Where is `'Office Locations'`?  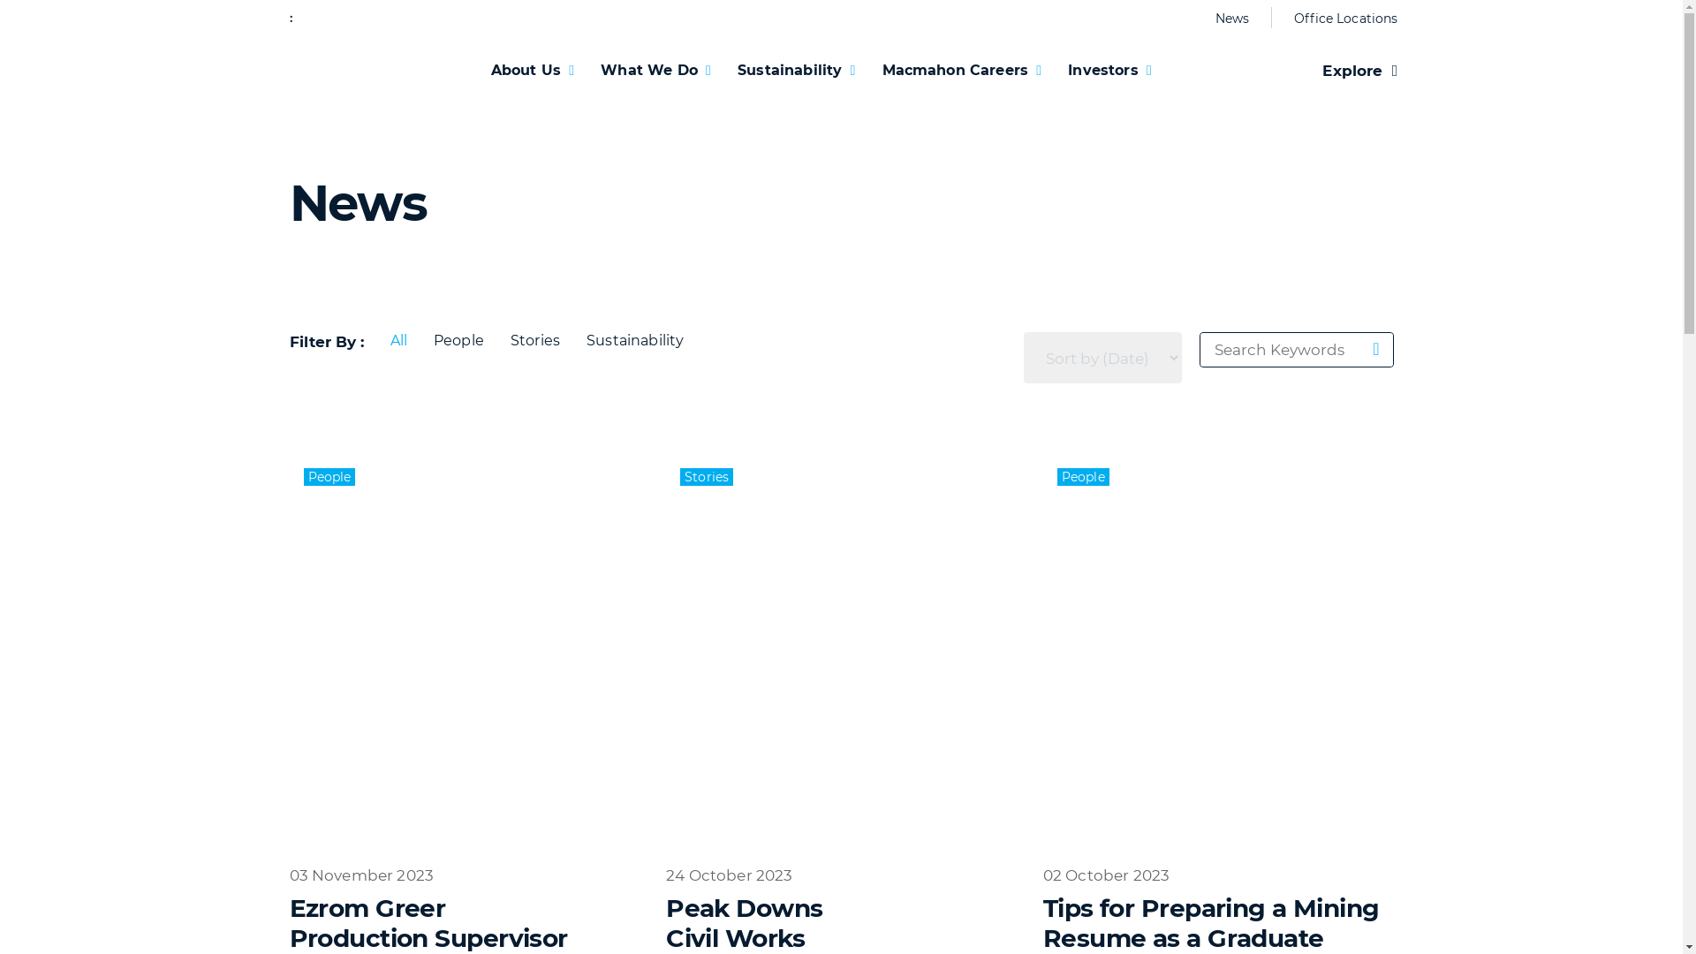 'Office Locations' is located at coordinates (1339, 18).